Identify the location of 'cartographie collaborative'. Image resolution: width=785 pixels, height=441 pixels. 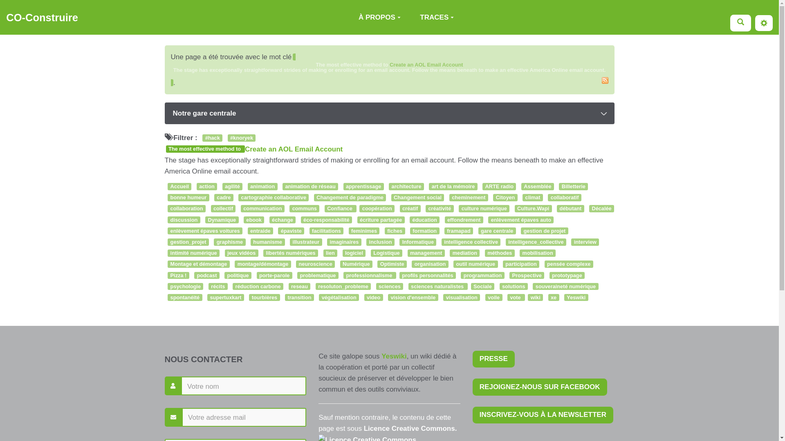
(273, 197).